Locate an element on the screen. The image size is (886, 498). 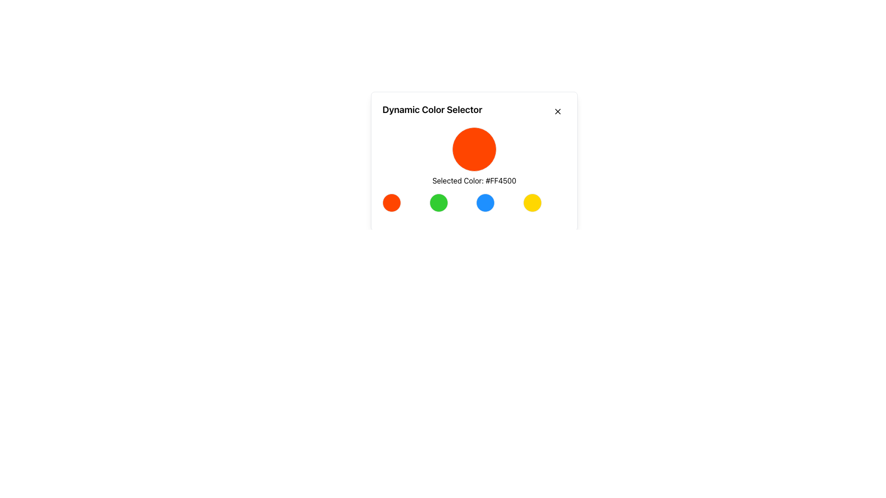
the grid of interactive color buttons located within the modal under the text 'Selected Color: #FF4500' is located at coordinates (474, 202).